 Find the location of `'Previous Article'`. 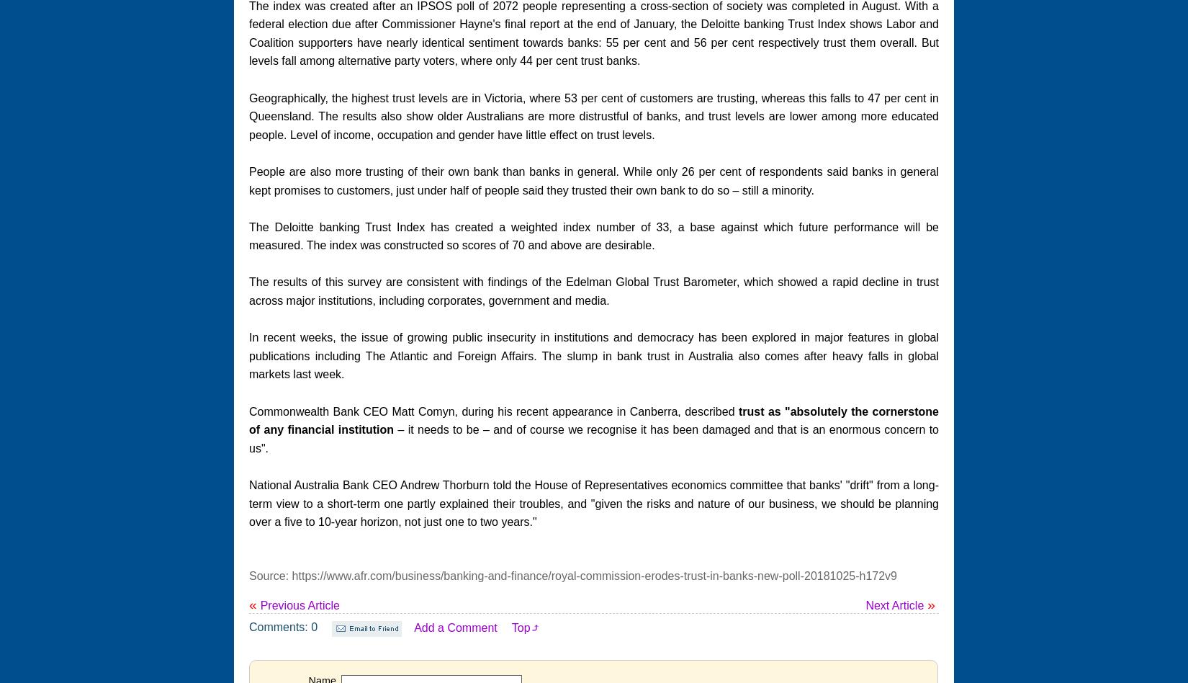

'Previous Article' is located at coordinates (298, 604).